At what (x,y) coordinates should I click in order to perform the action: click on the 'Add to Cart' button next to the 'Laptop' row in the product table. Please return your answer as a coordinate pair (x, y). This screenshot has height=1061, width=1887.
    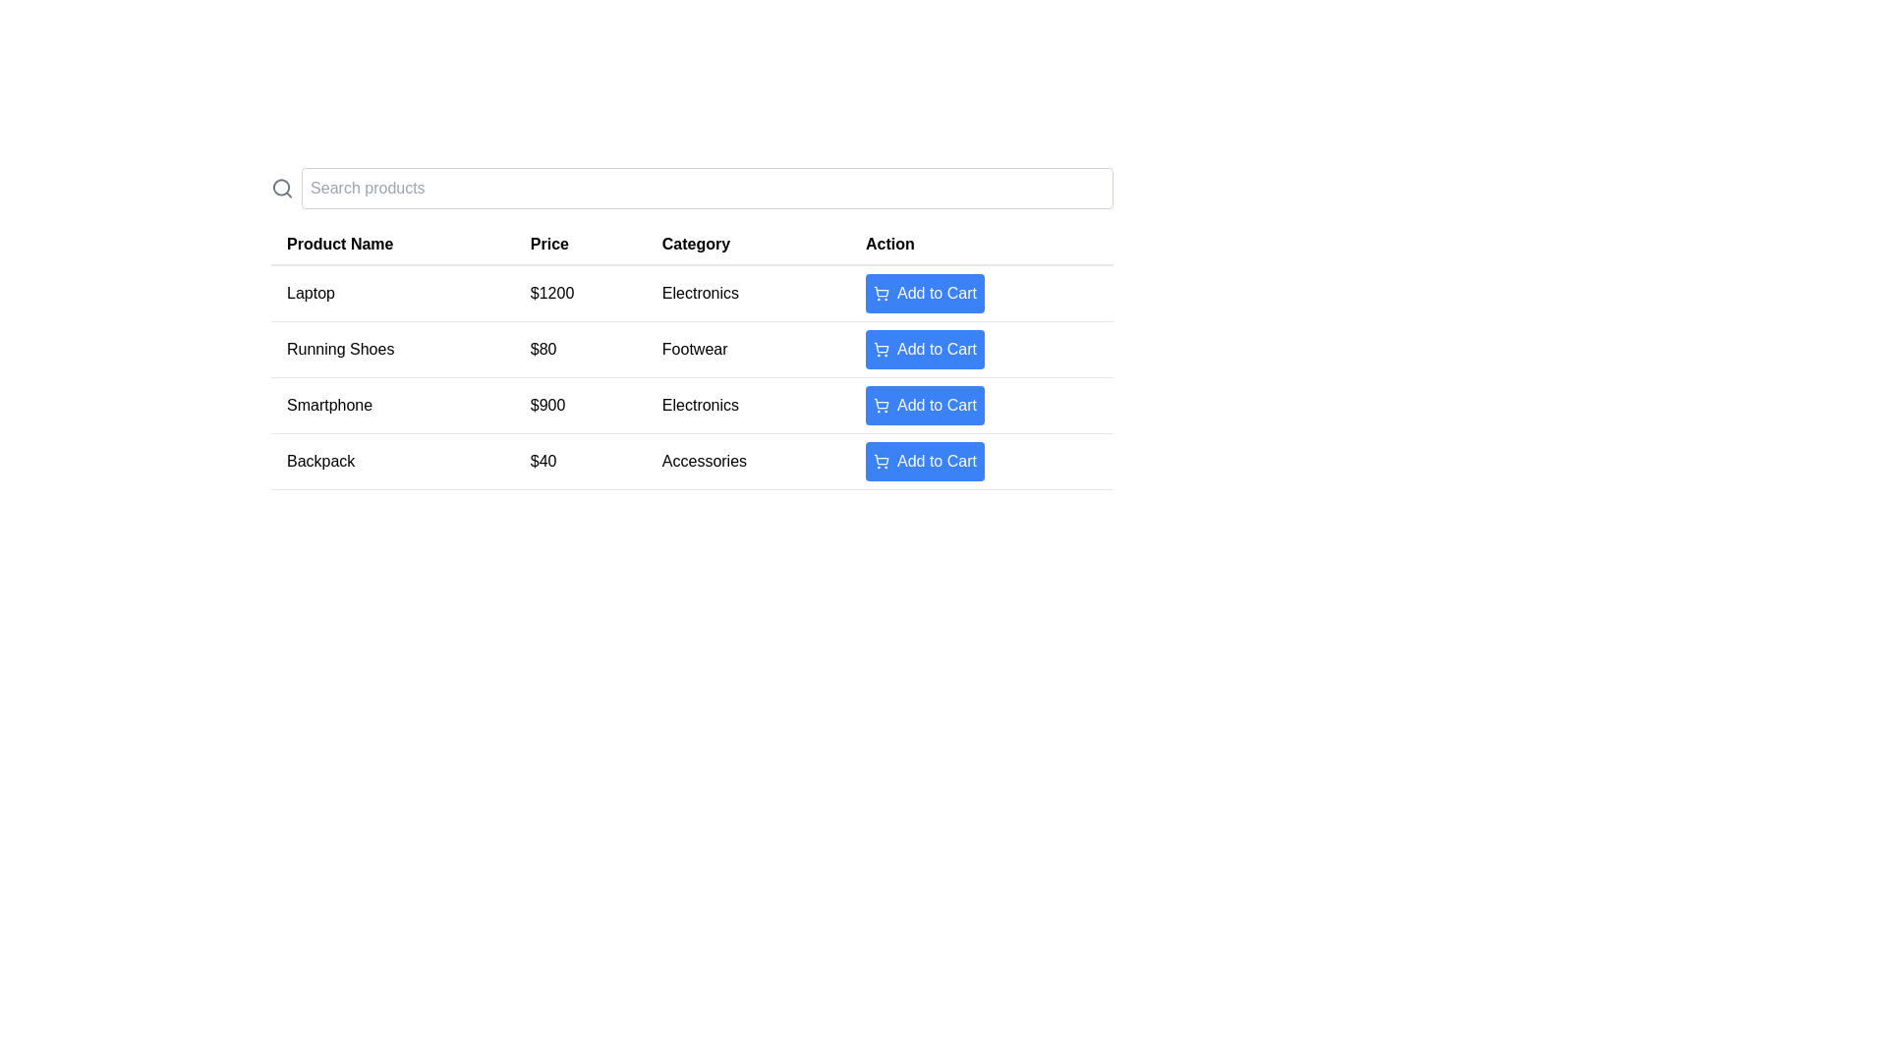
    Looking at the image, I should click on (924, 294).